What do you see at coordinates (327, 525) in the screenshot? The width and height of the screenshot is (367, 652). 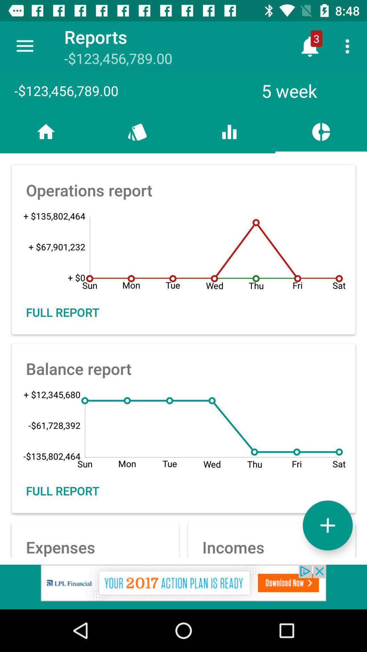 I see `a new item` at bounding box center [327, 525].